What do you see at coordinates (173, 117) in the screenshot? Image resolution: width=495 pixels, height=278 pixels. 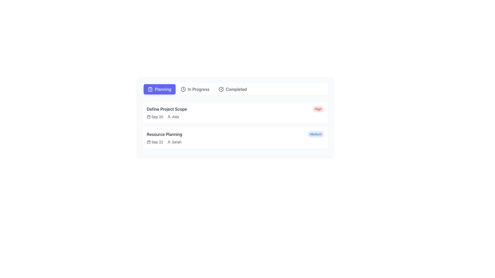 I see `the user icon and text label combination for 'Alex'` at bounding box center [173, 117].